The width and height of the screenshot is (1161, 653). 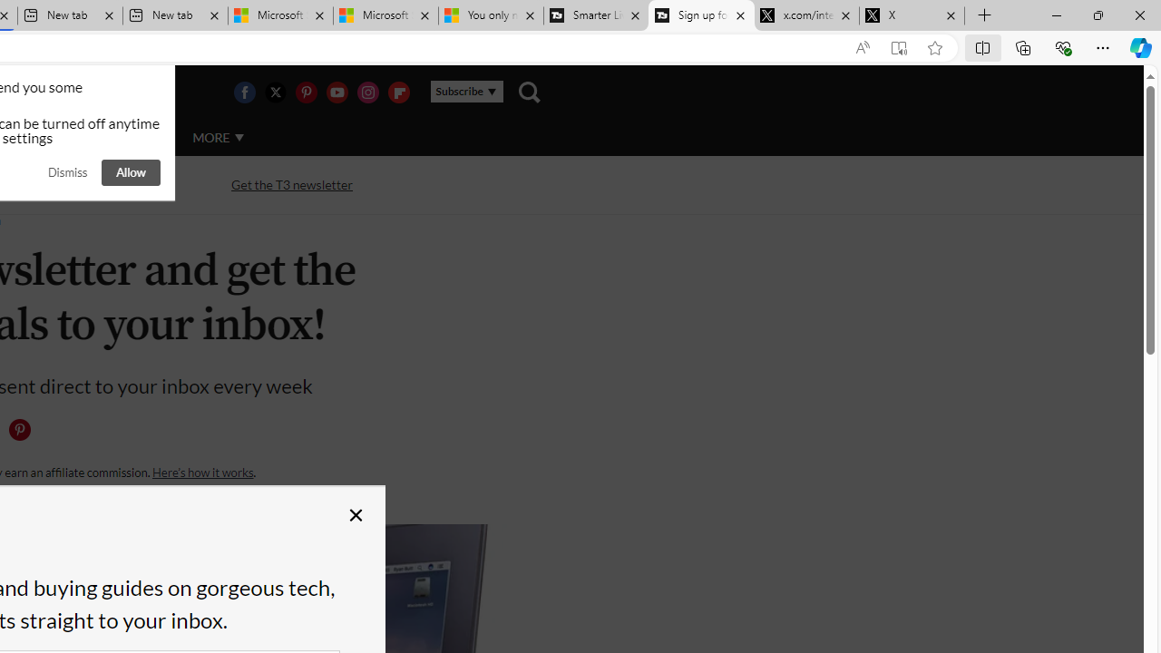 What do you see at coordinates (899, 47) in the screenshot?
I see `'Enter Immersive Reader (F9)'` at bounding box center [899, 47].